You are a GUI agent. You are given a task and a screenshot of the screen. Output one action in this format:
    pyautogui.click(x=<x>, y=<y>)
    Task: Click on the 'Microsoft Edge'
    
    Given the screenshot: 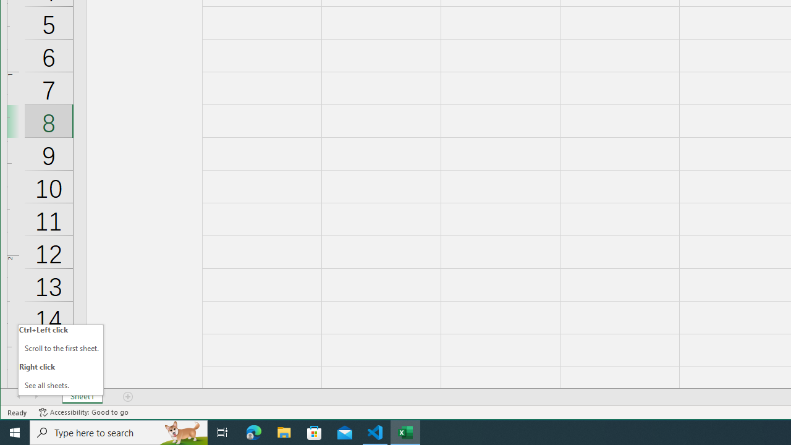 What is the action you would take?
    pyautogui.click(x=253, y=431)
    